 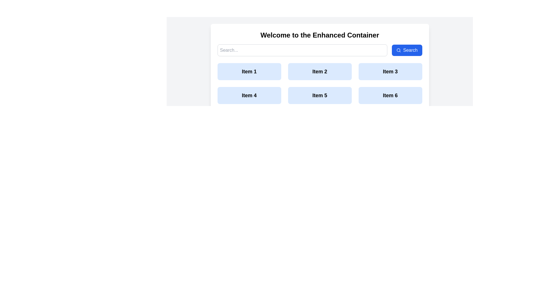 I want to click on the blue circular icon located on the left side of the search icon at the top-right corner of the interface, so click(x=398, y=50).